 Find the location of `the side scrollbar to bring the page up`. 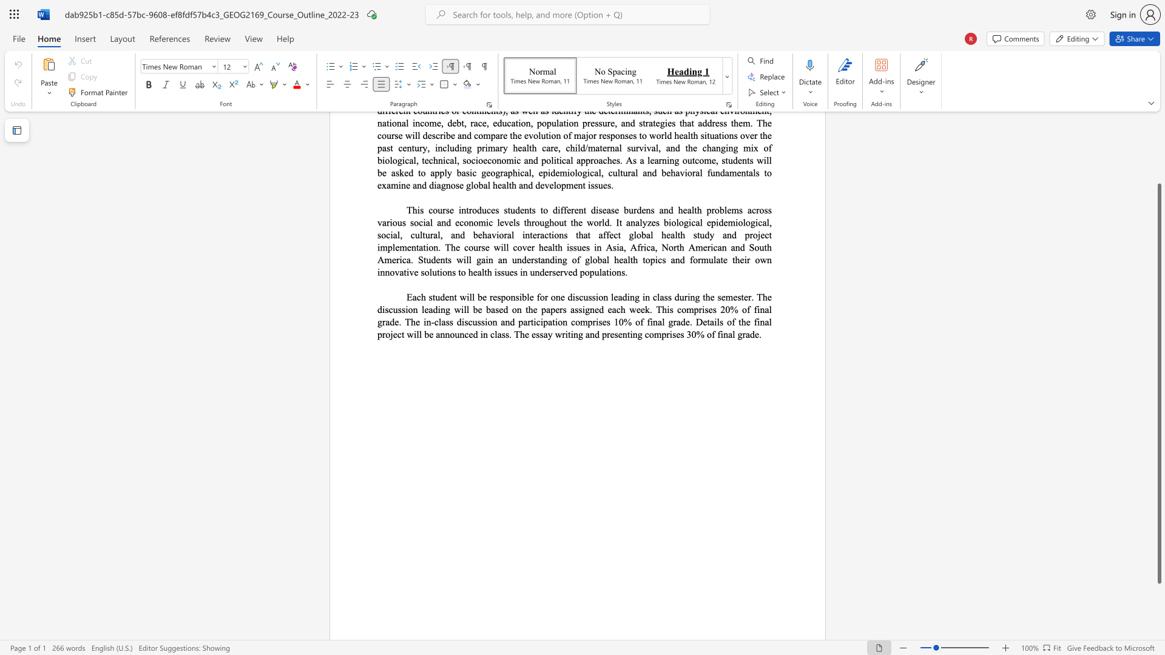

the side scrollbar to bring the page up is located at coordinates (1158, 151).